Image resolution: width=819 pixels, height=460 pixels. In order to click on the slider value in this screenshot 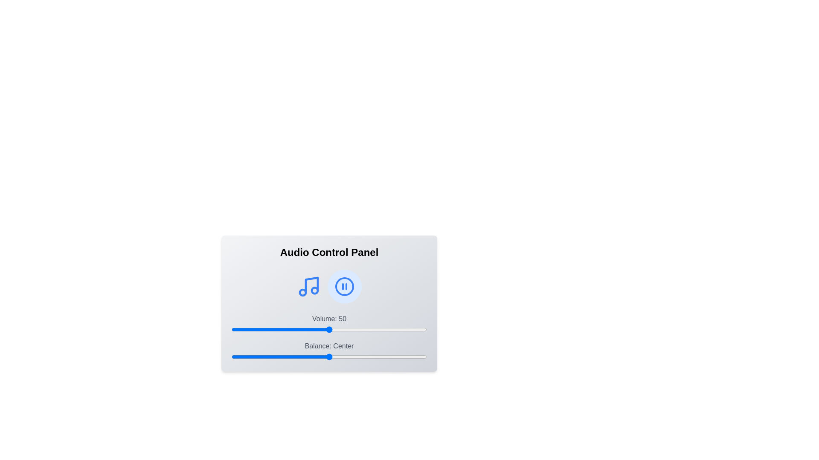, I will do `click(231, 329)`.